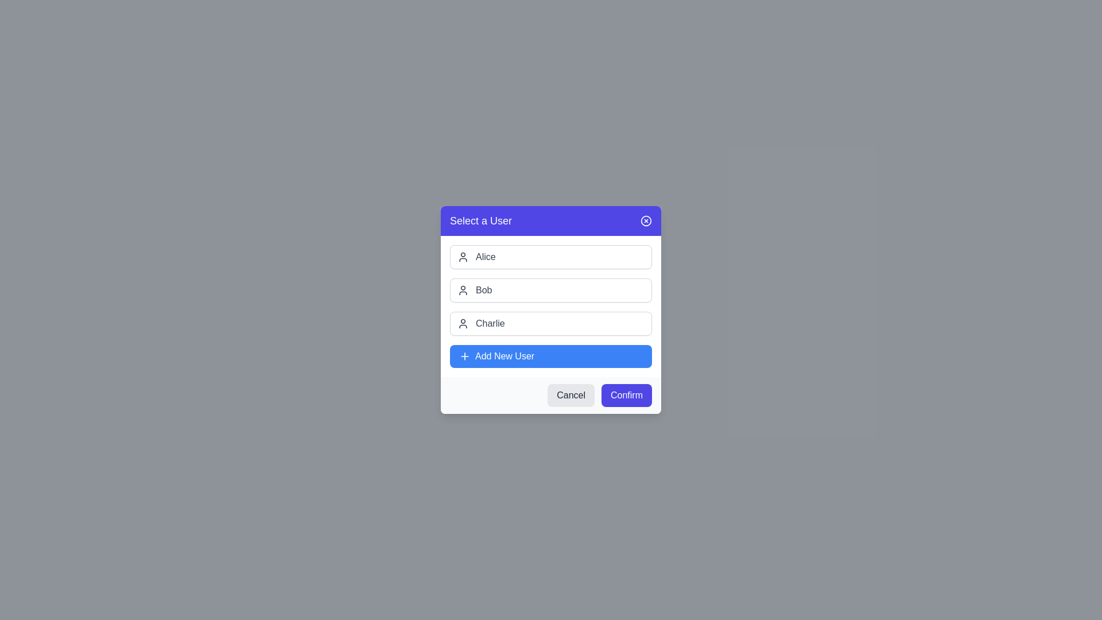 This screenshot has height=620, width=1102. I want to click on the user identification icon representing 'Bob', located to the left of the text 'Bob' in the second slot of the vertical list under the header 'Select a User', so click(463, 289).